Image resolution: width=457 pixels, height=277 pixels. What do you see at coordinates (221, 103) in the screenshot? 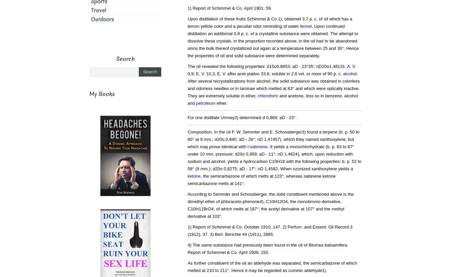
I see `'ether.'` at bounding box center [221, 103].